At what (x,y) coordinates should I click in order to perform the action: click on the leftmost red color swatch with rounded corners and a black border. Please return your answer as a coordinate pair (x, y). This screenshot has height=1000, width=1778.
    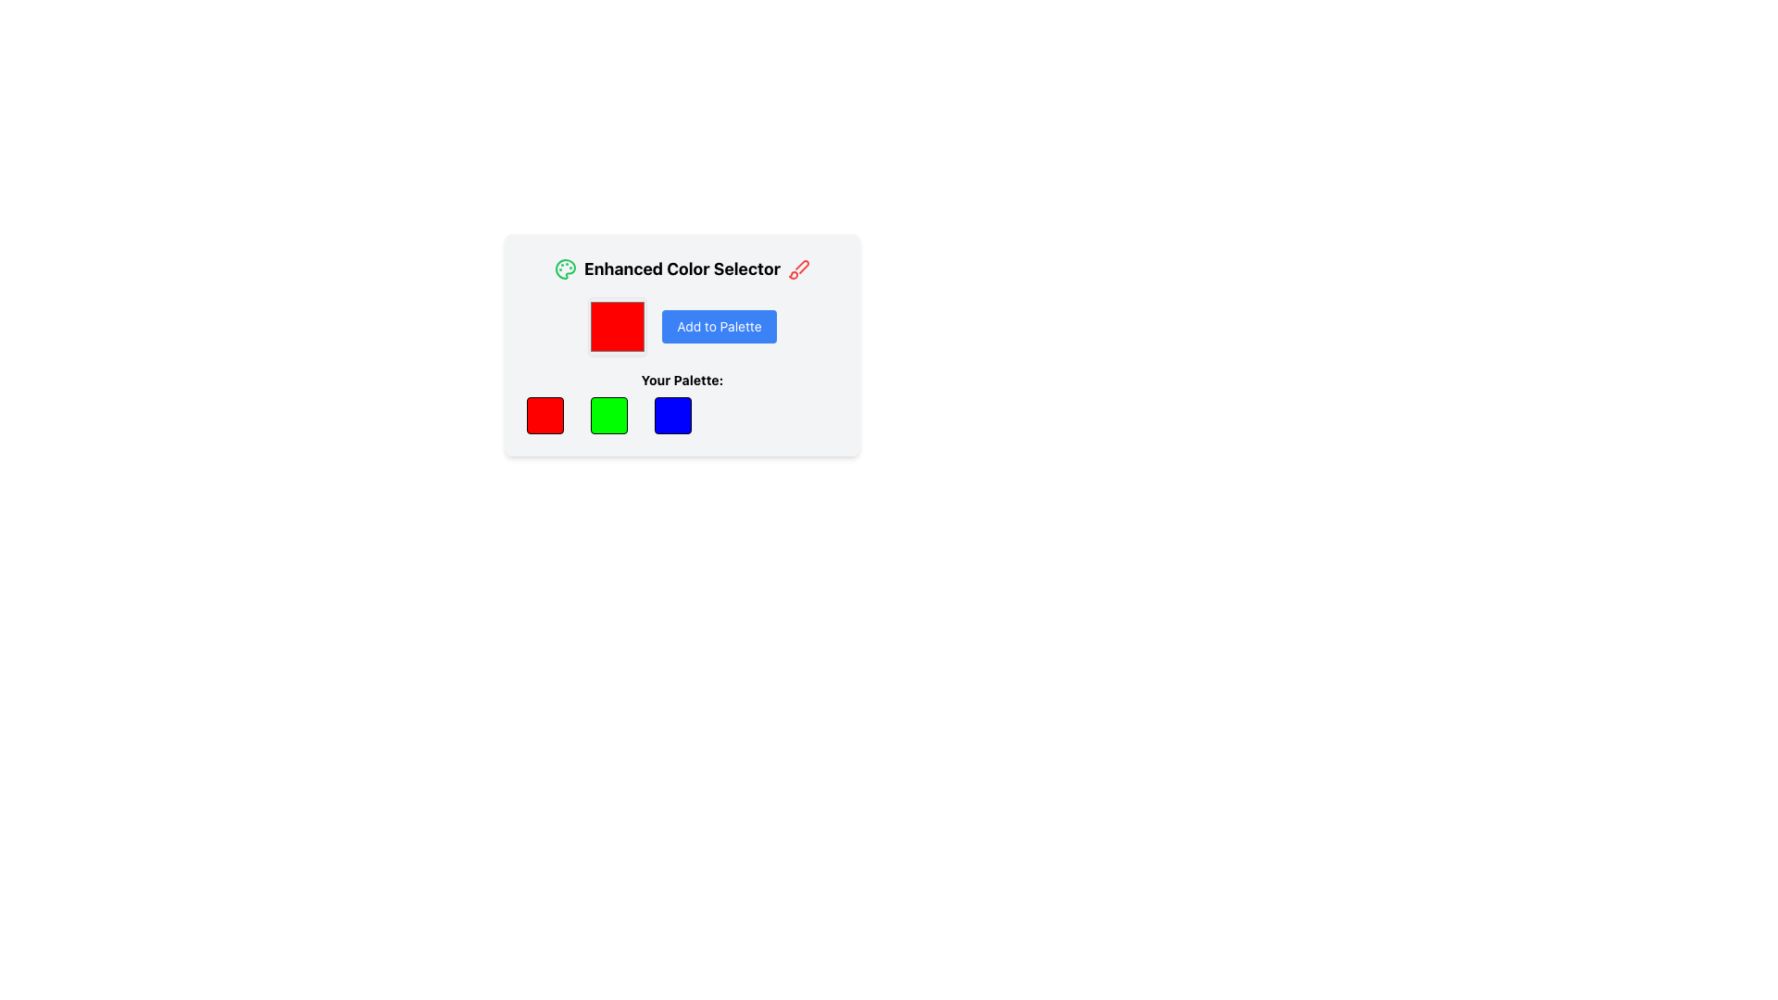
    Looking at the image, I should click on (545, 414).